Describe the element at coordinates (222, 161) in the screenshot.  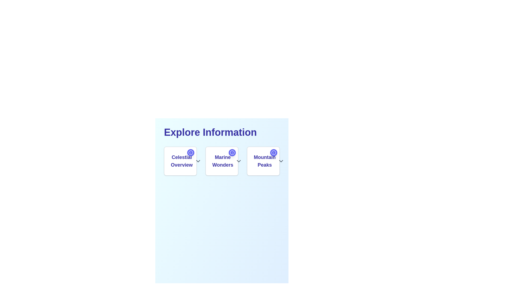
I see `the 'Marine Wonders' text label` at that location.